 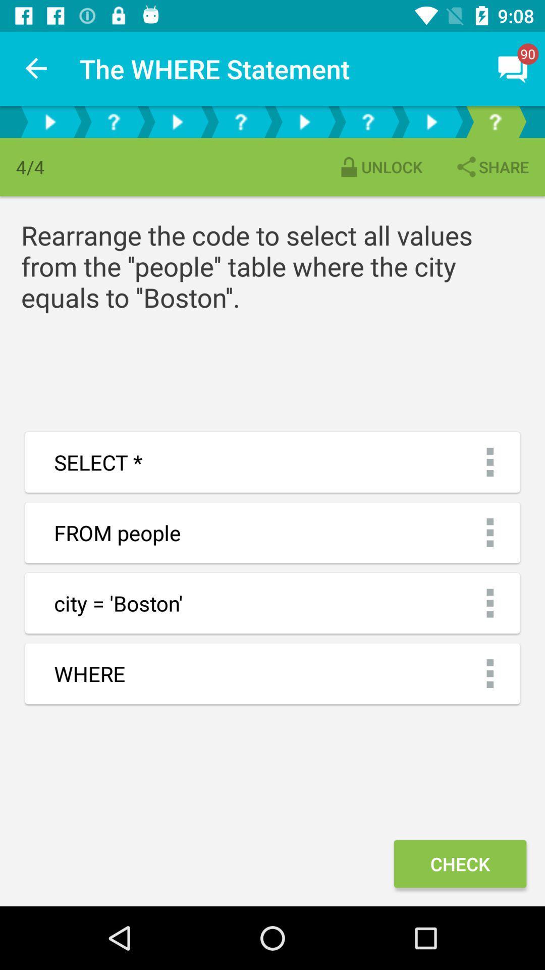 I want to click on item next to share, so click(x=379, y=167).